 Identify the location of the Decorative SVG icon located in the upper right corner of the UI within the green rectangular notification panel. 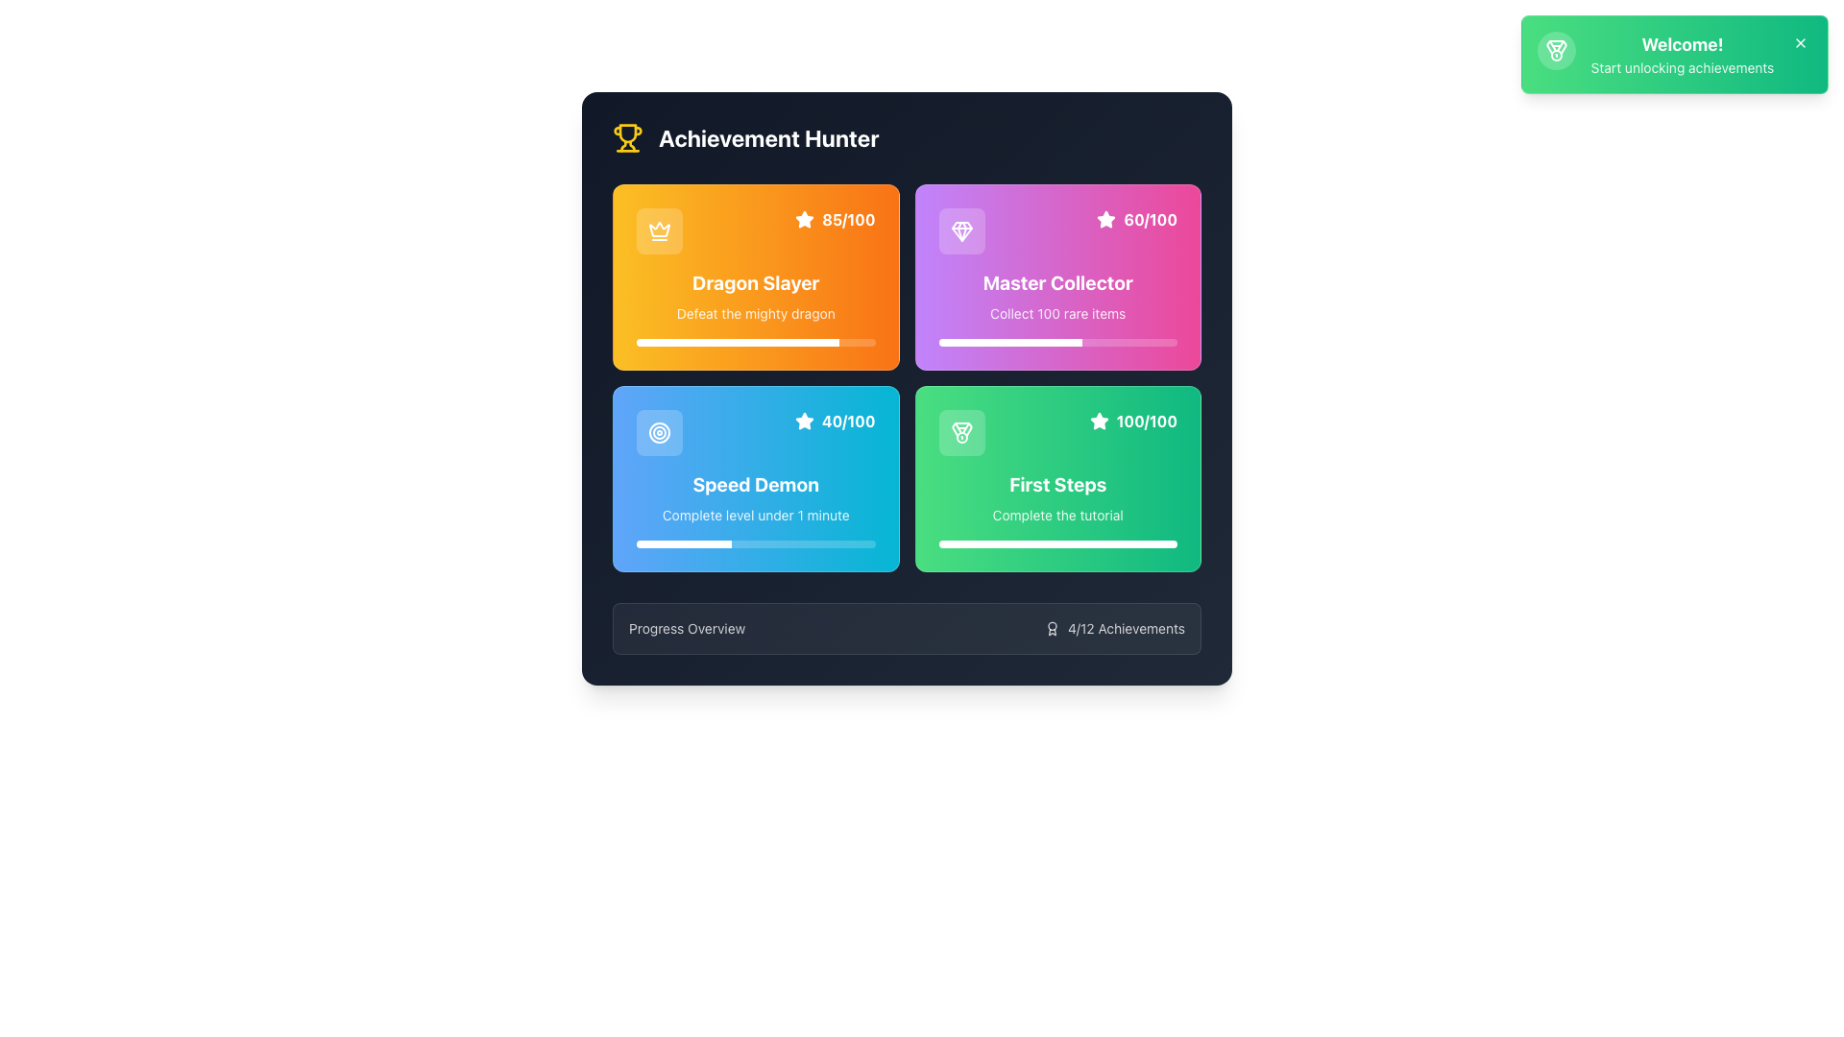
(1557, 50).